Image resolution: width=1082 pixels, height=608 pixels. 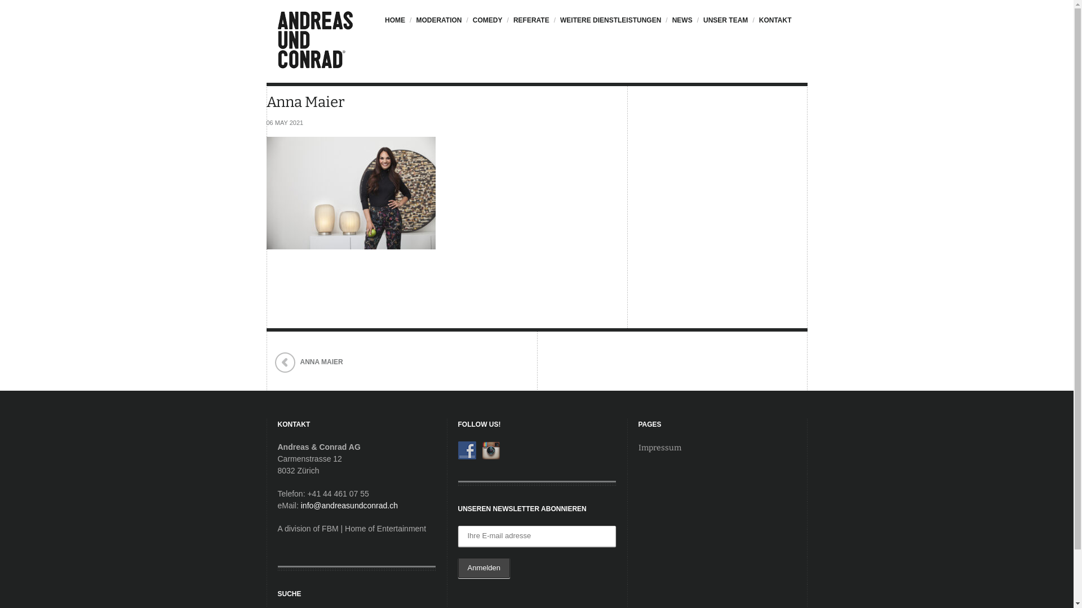 I want to click on 'COMEDY', so click(x=487, y=25).